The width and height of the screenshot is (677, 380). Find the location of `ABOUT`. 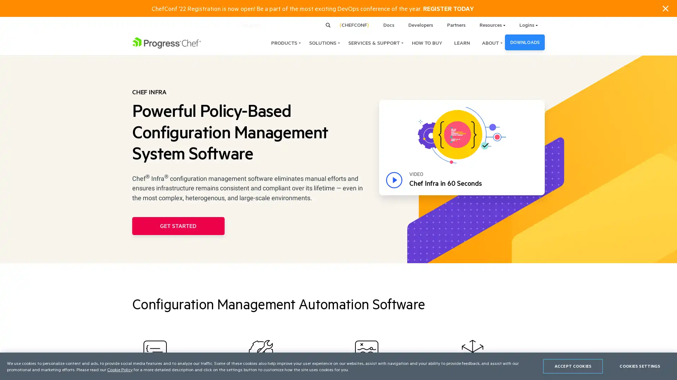

ABOUT is located at coordinates (474, 43).